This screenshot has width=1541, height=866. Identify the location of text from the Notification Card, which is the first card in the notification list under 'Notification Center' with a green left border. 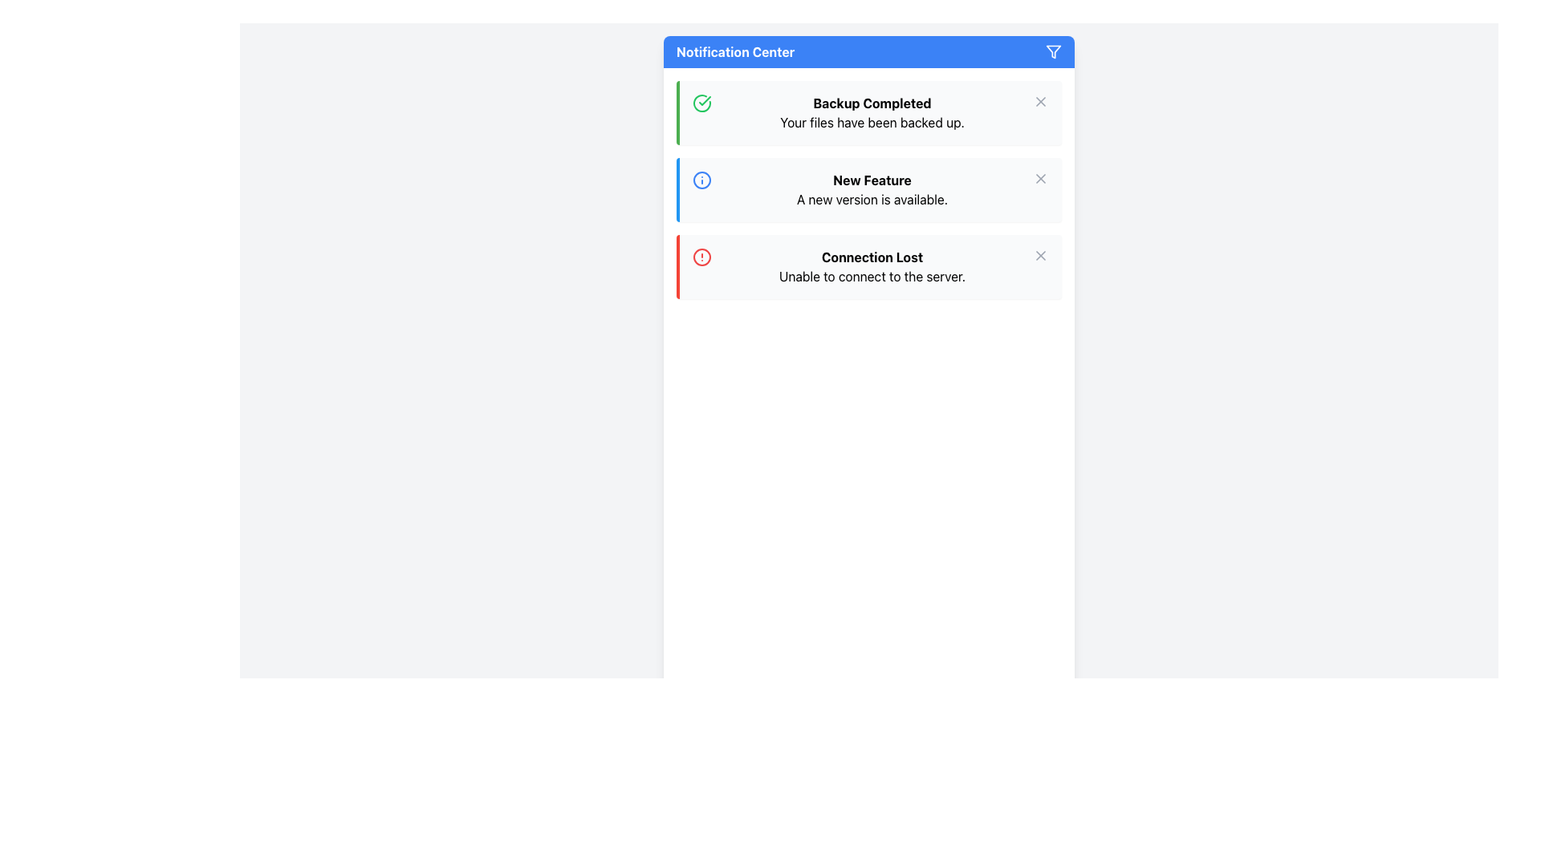
(871, 112).